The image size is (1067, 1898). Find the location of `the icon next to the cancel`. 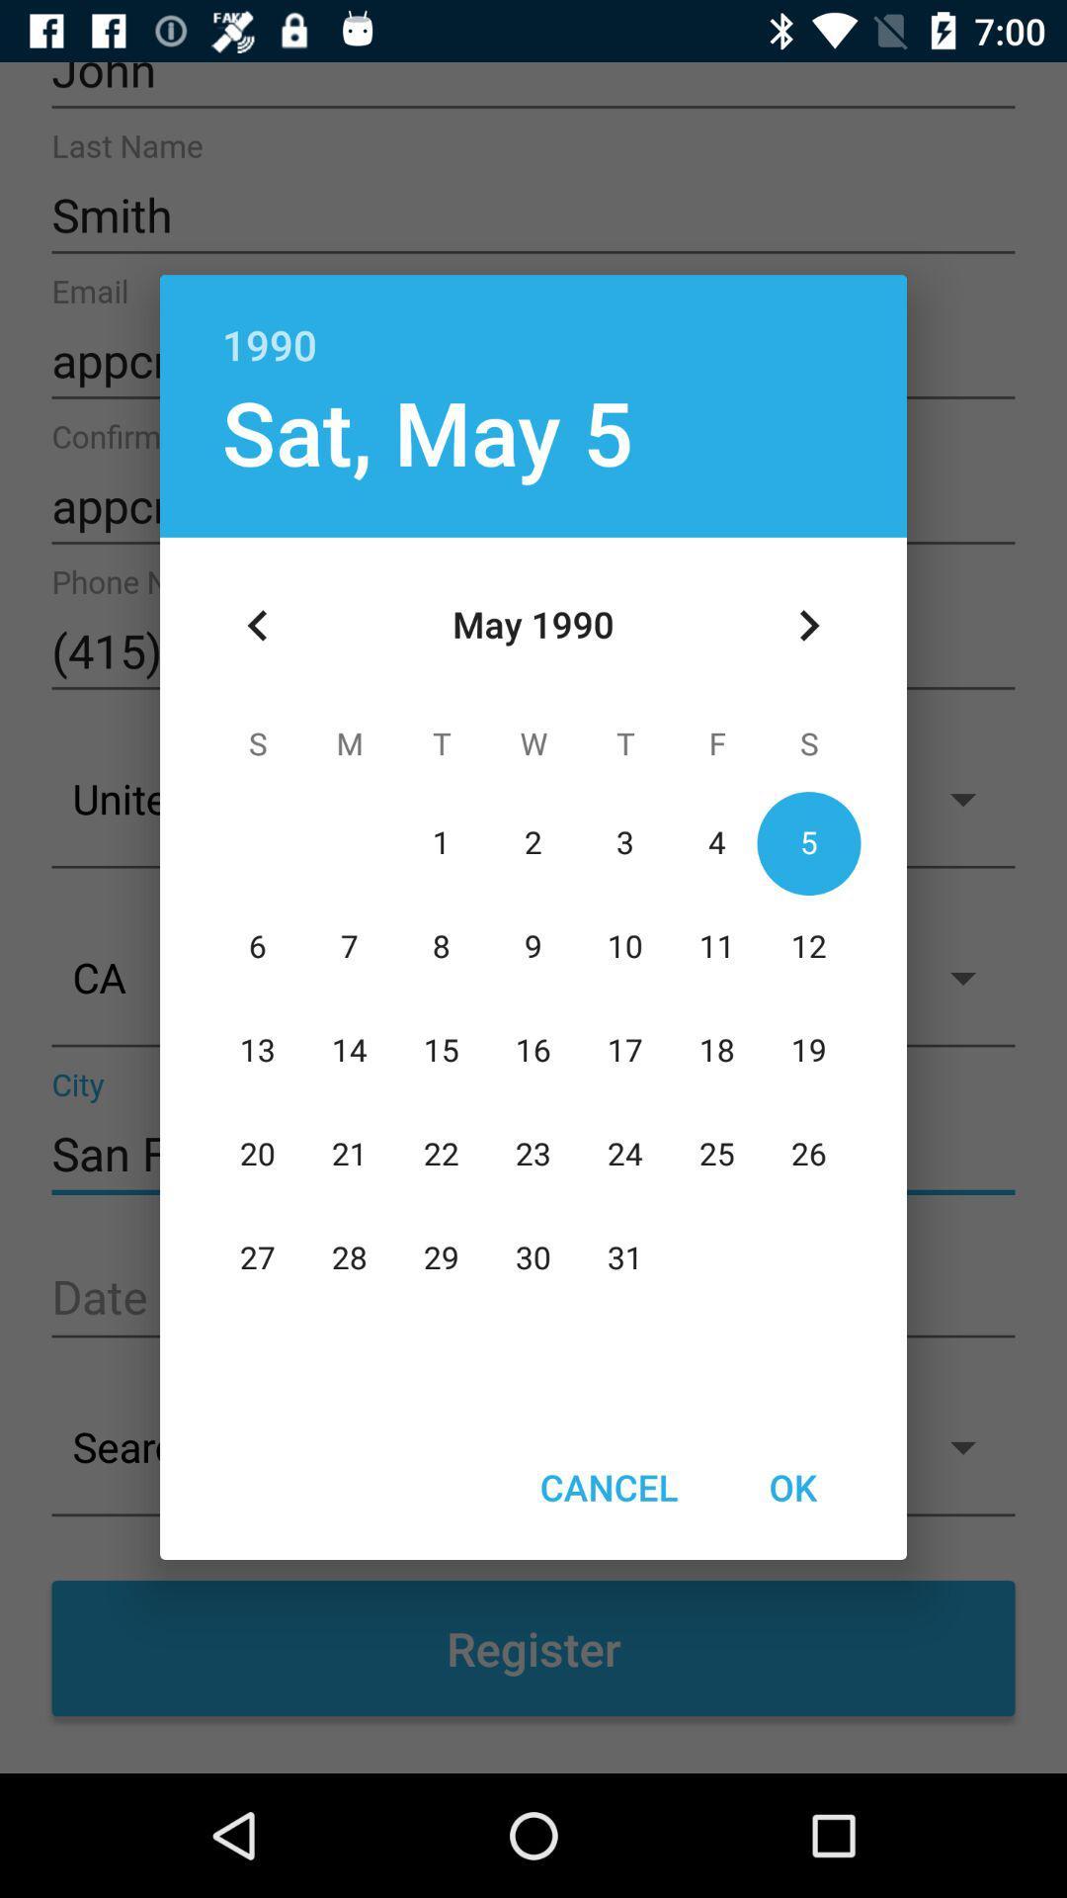

the icon next to the cancel is located at coordinates (791, 1487).